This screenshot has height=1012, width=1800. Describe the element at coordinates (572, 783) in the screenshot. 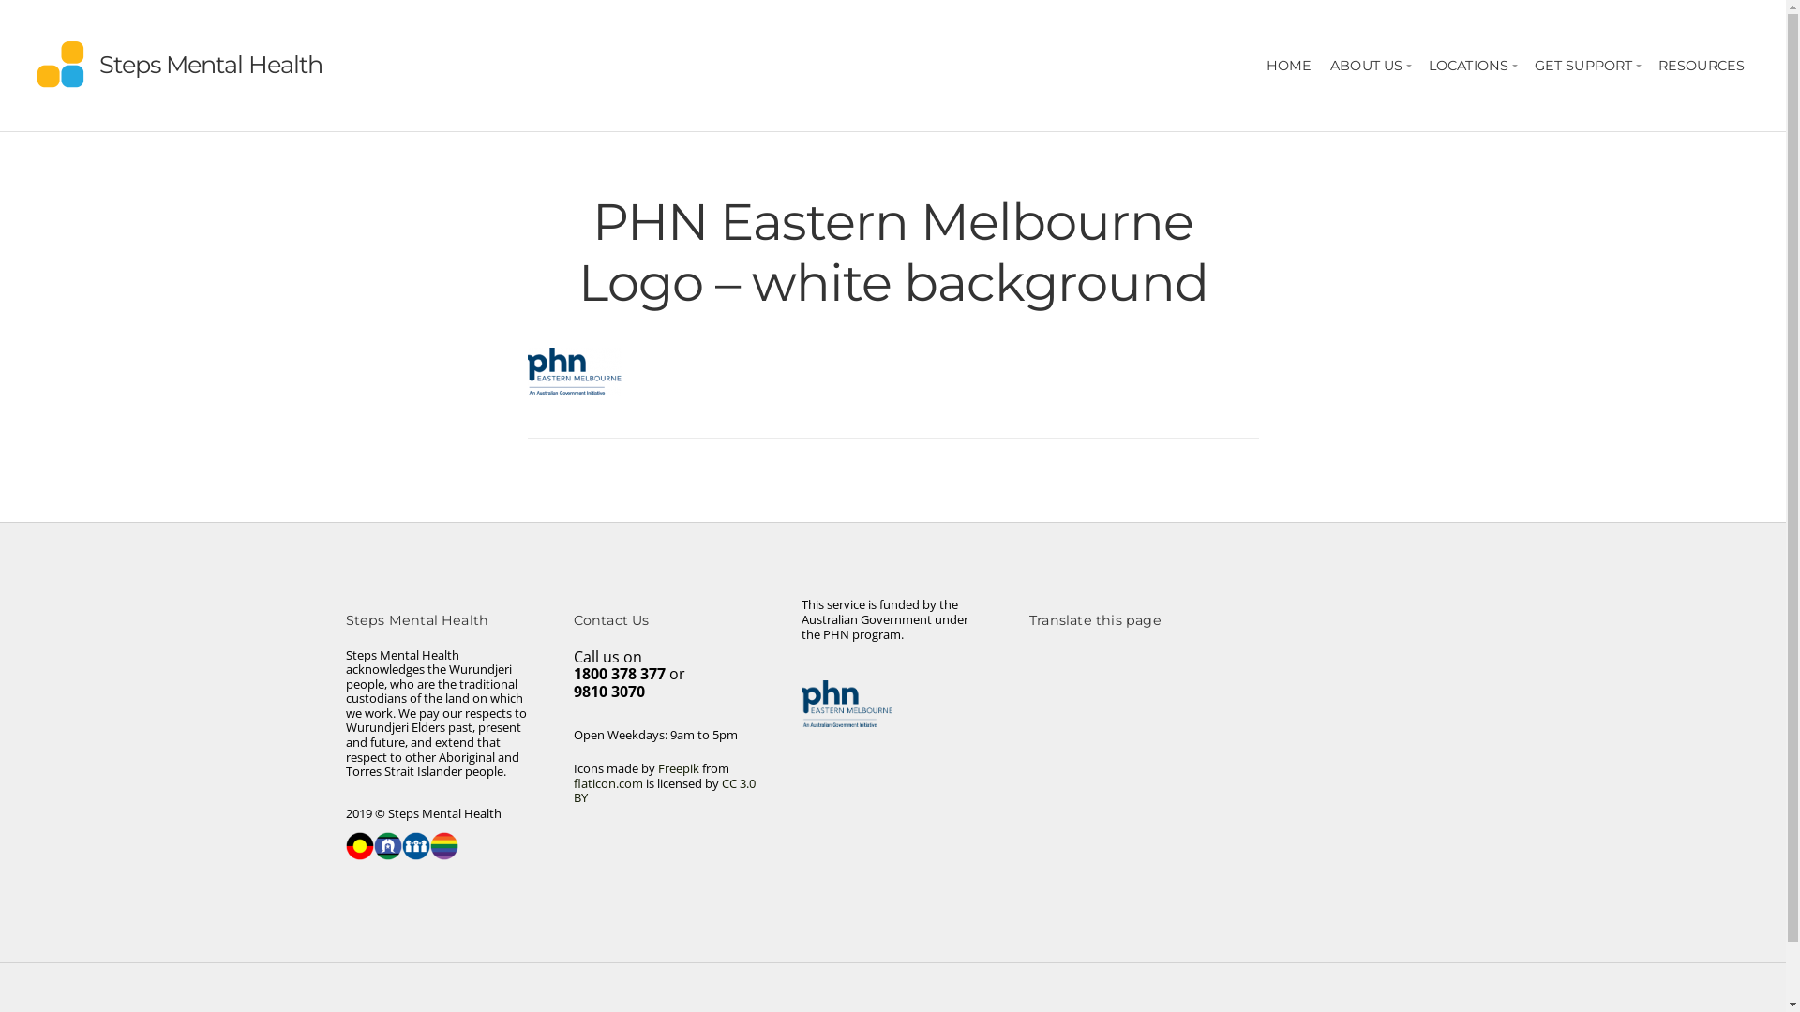

I see `'flaticon.com'` at that location.